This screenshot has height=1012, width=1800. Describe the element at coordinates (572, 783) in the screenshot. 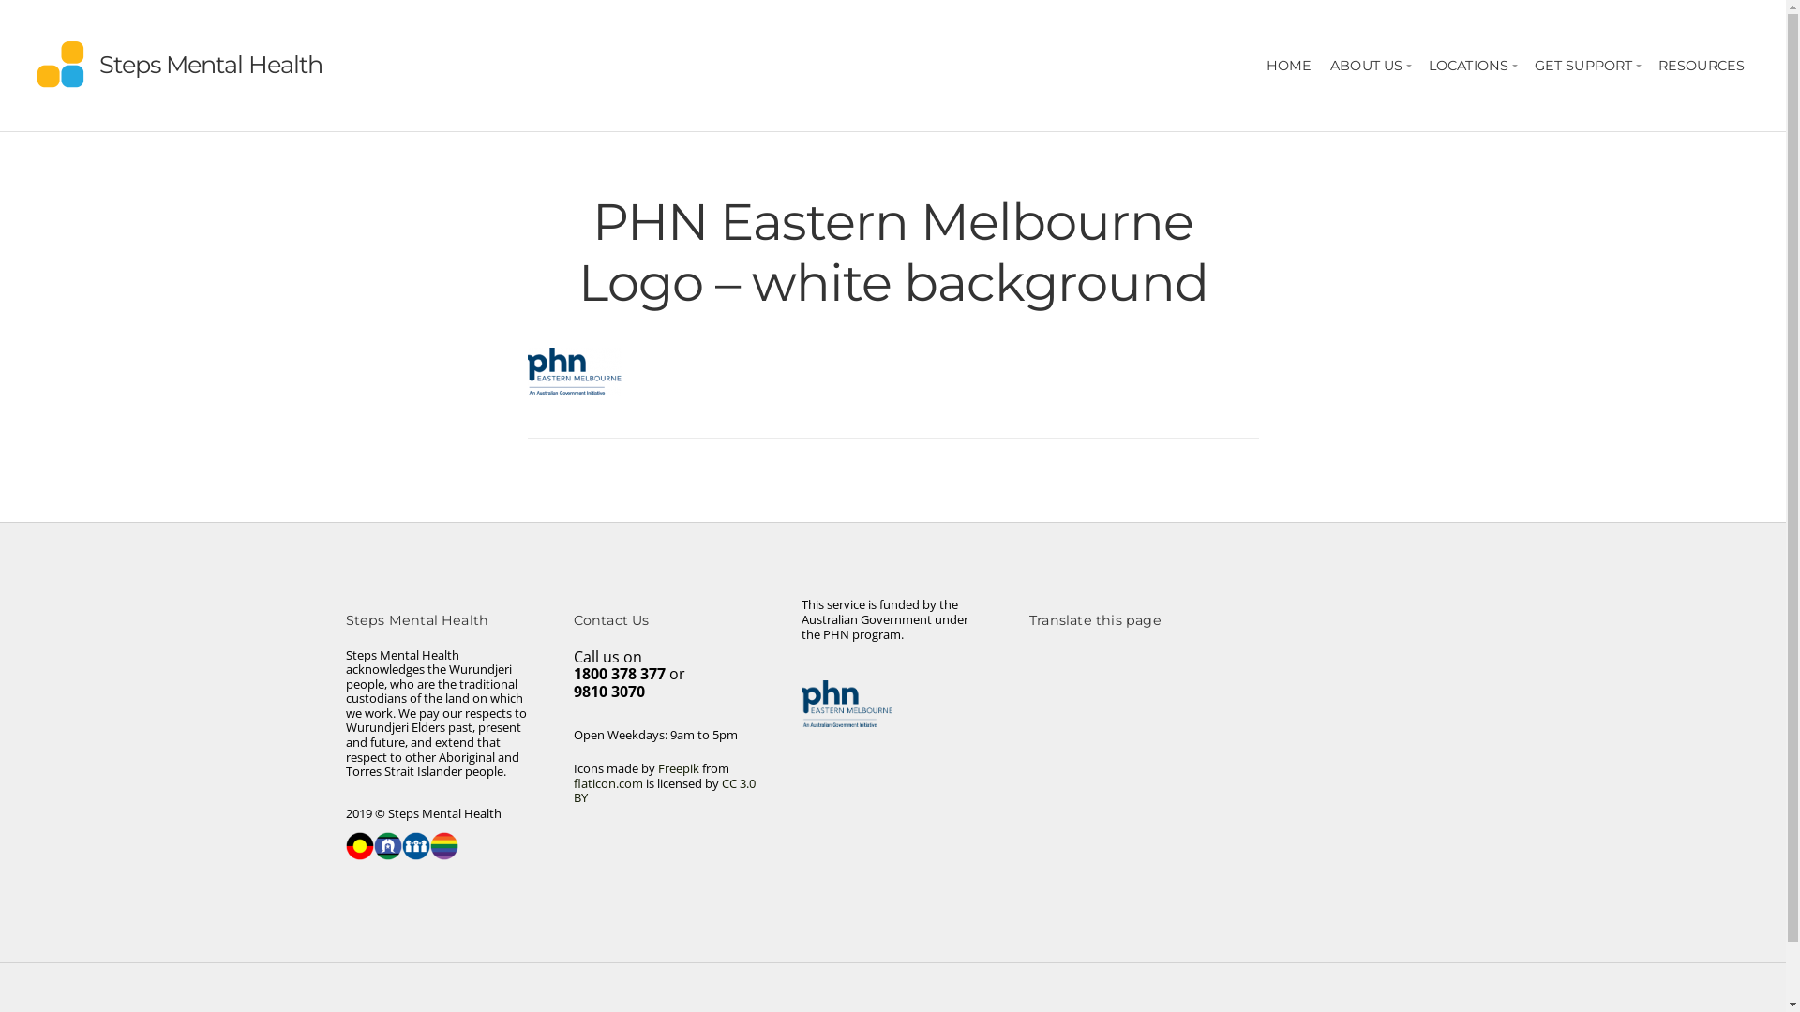

I see `'flaticon.com'` at that location.